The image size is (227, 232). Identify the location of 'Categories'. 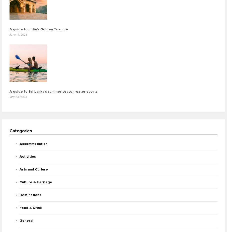
(21, 131).